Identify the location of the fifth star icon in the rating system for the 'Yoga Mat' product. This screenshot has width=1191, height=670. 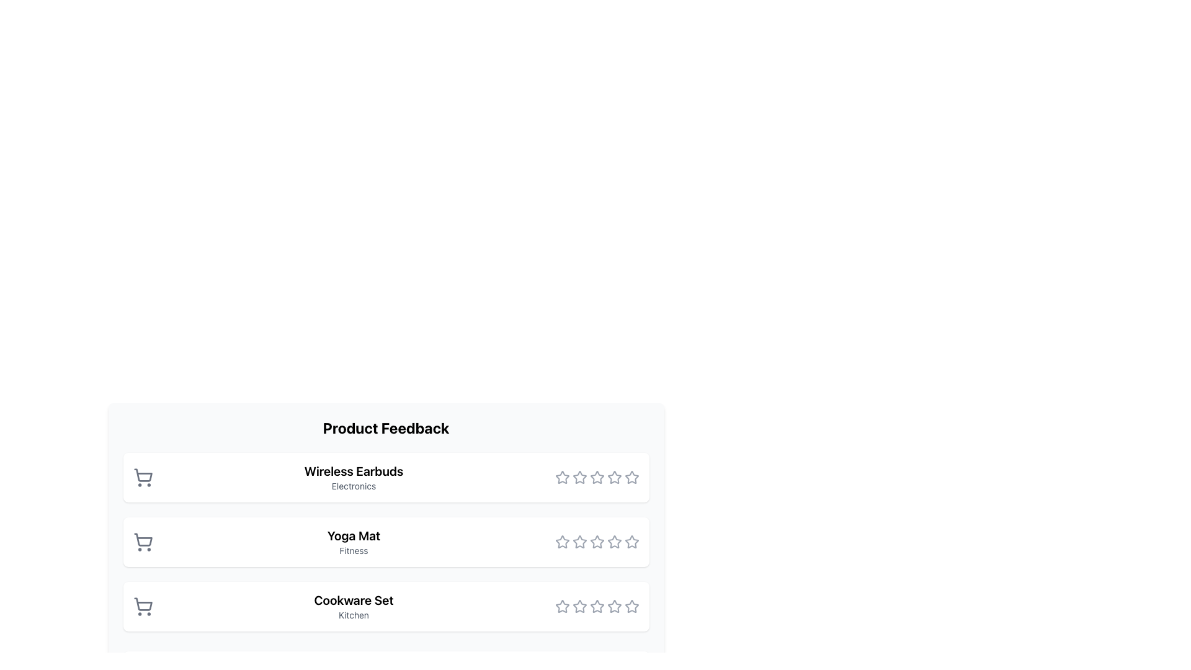
(631, 541).